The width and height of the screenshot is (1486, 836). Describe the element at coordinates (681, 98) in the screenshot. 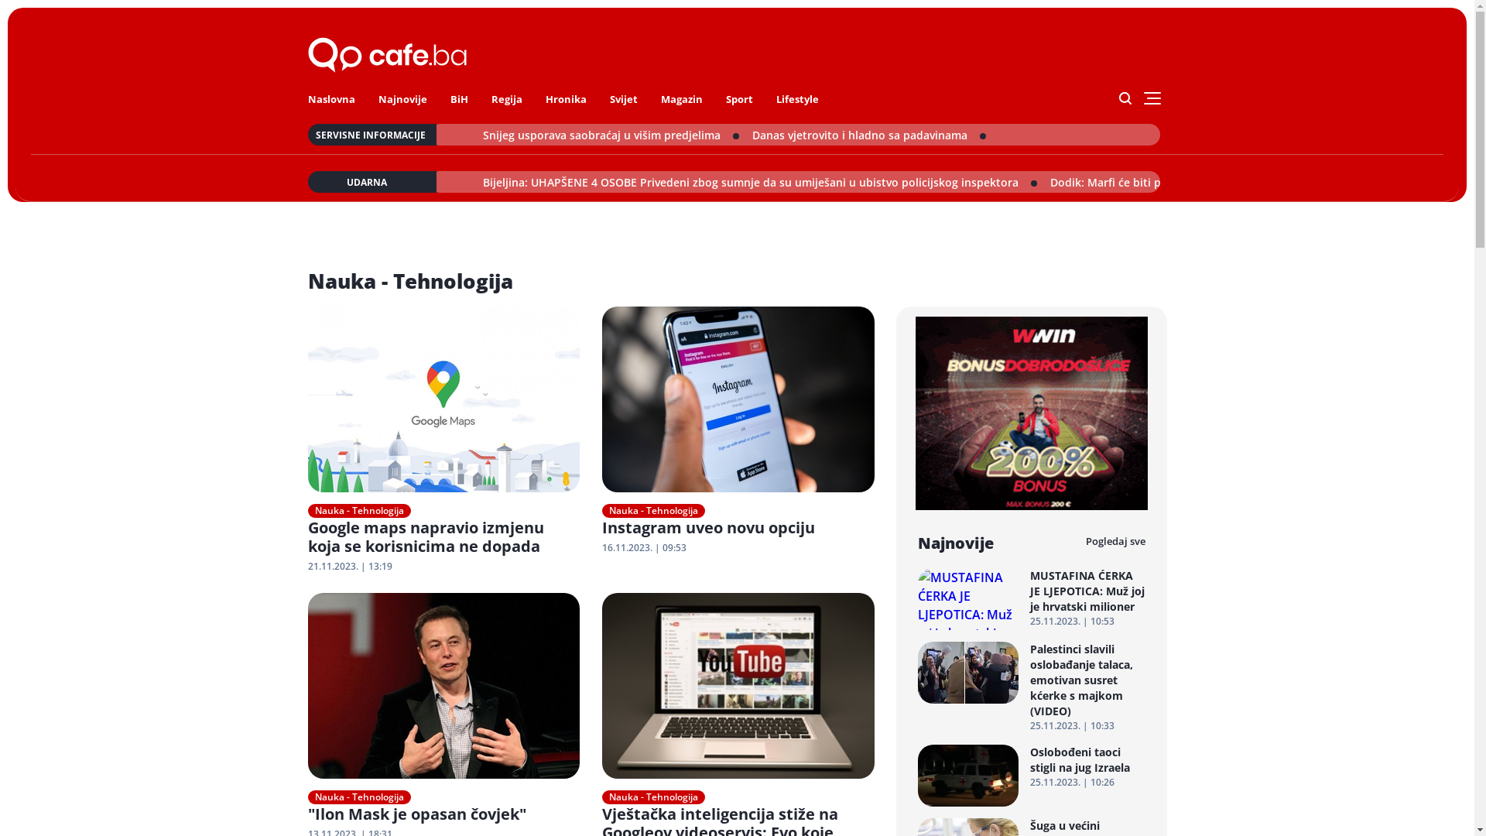

I see `'Magazin'` at that location.